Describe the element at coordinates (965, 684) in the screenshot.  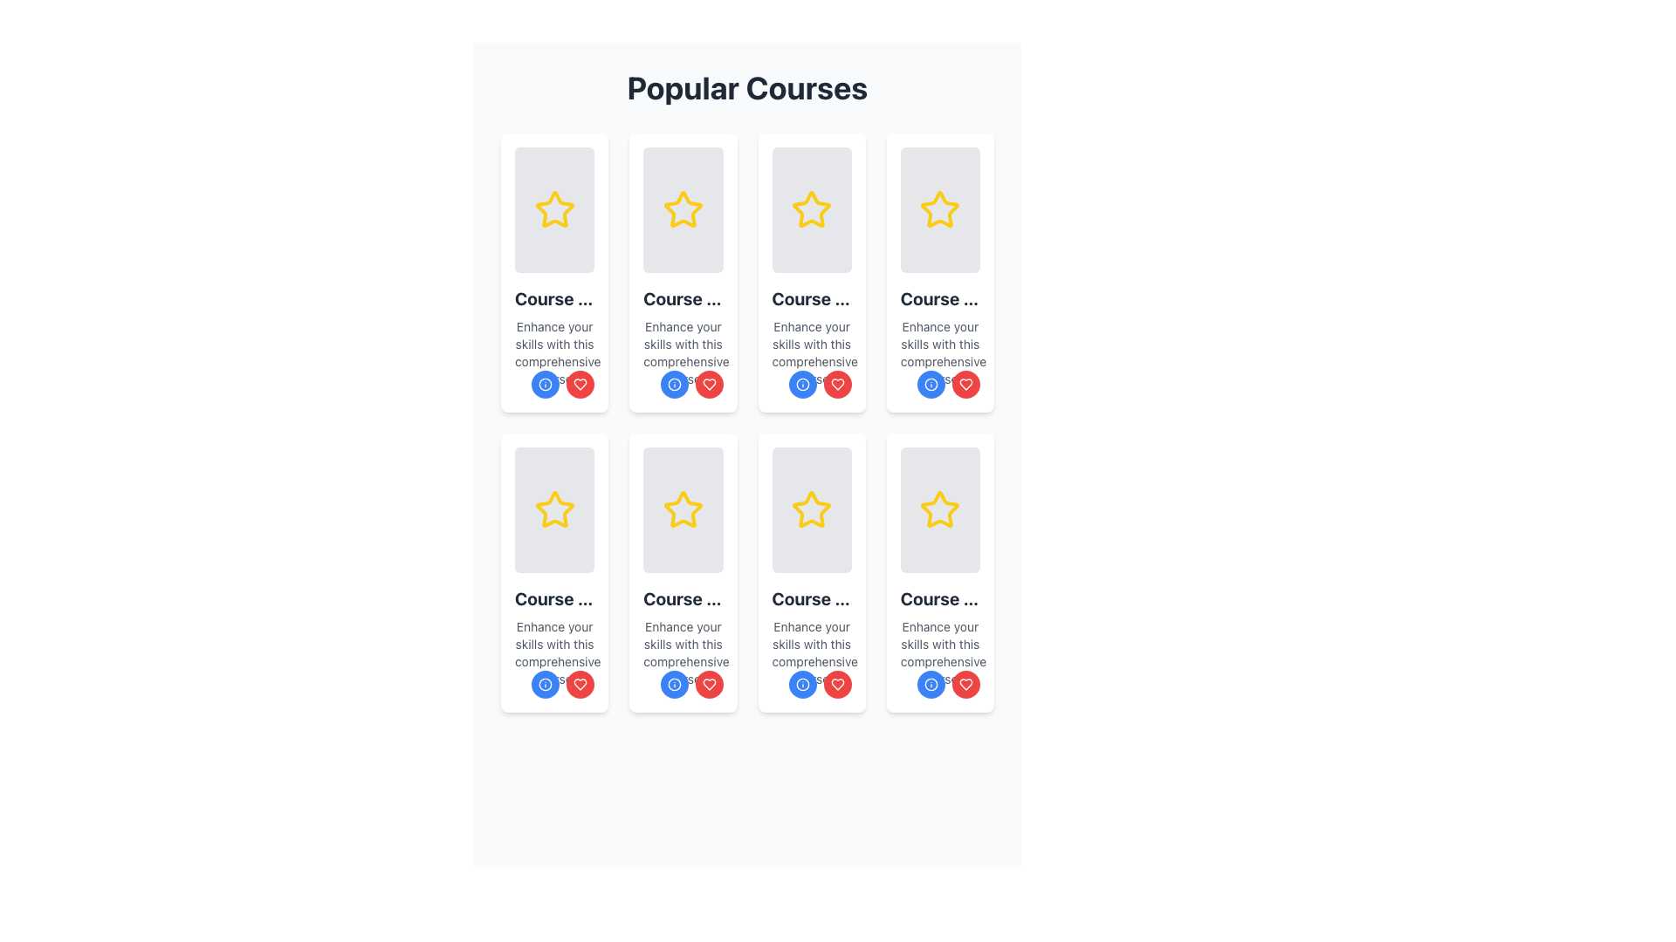
I see `the circular red button with a white heart icon located in the bottom-right corner of the card to favorite` at that location.